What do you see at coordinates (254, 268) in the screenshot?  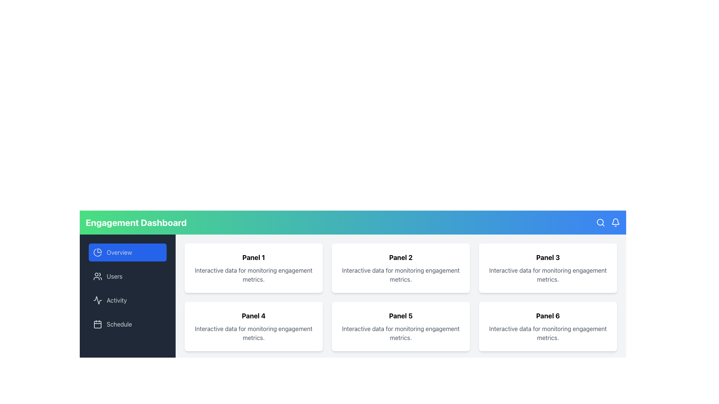 I see `the first Informational Card located in the top-left corner of the grid layout to interact with it` at bounding box center [254, 268].